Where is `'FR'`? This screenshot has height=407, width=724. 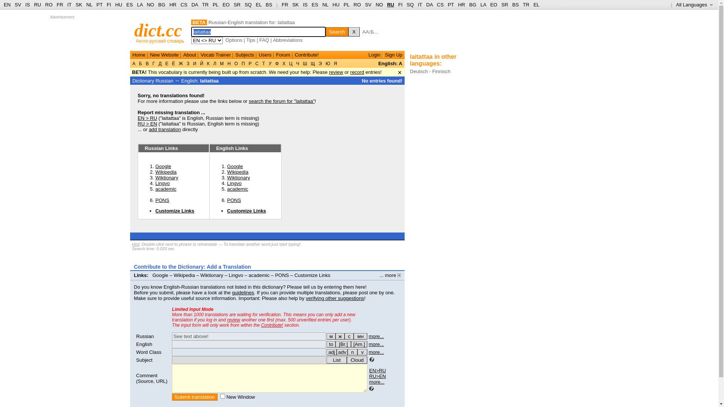
'FR' is located at coordinates (56, 5).